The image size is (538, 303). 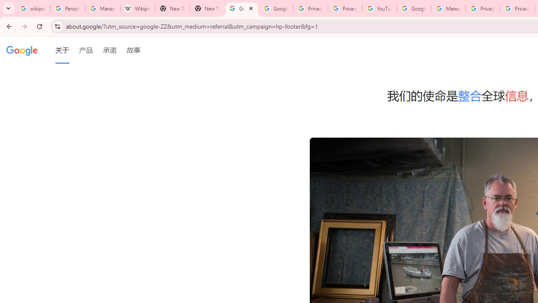 I want to click on 'Close', so click(x=250, y=8).